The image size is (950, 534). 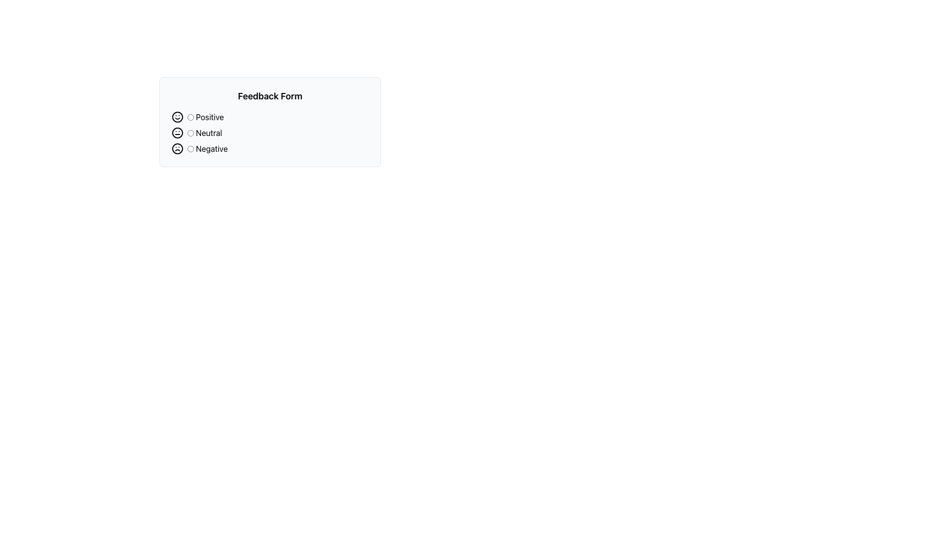 What do you see at coordinates (190, 133) in the screenshot?
I see `the neutral radio button option in the feedback form` at bounding box center [190, 133].